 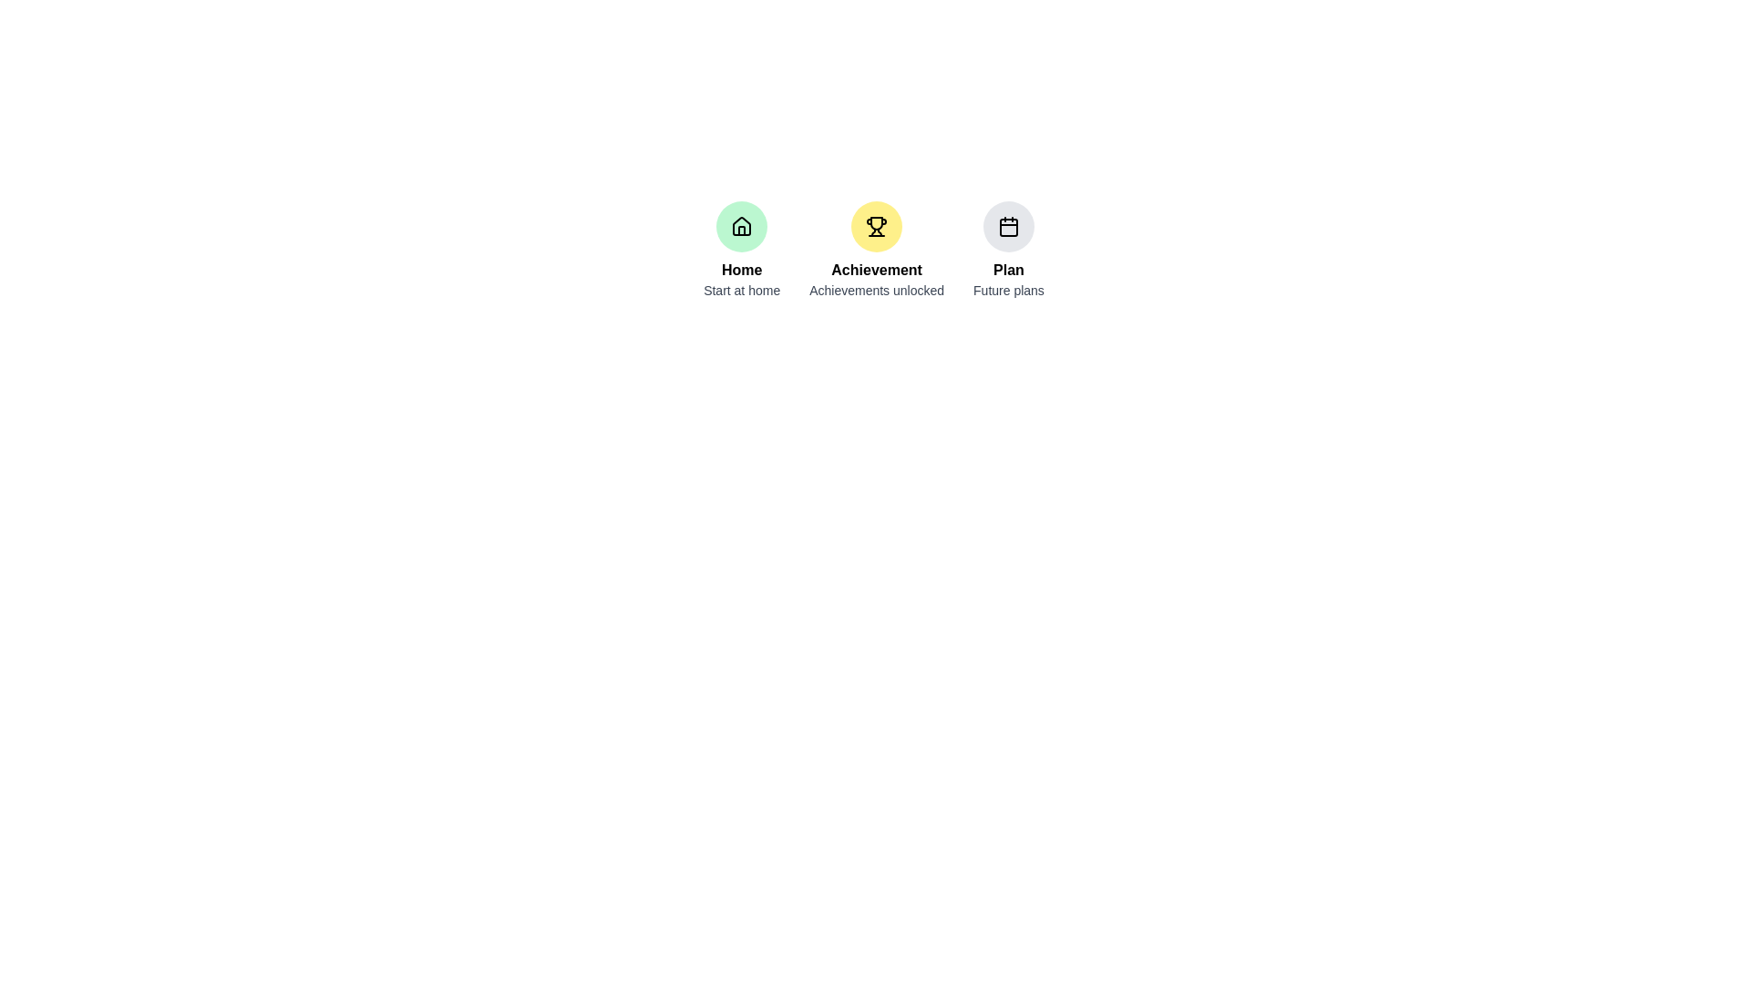 I want to click on the achievements icon located in the center section of the interface, positioned between the 'Home' icon on the left and the 'Plan' icon on the right, so click(x=877, y=226).